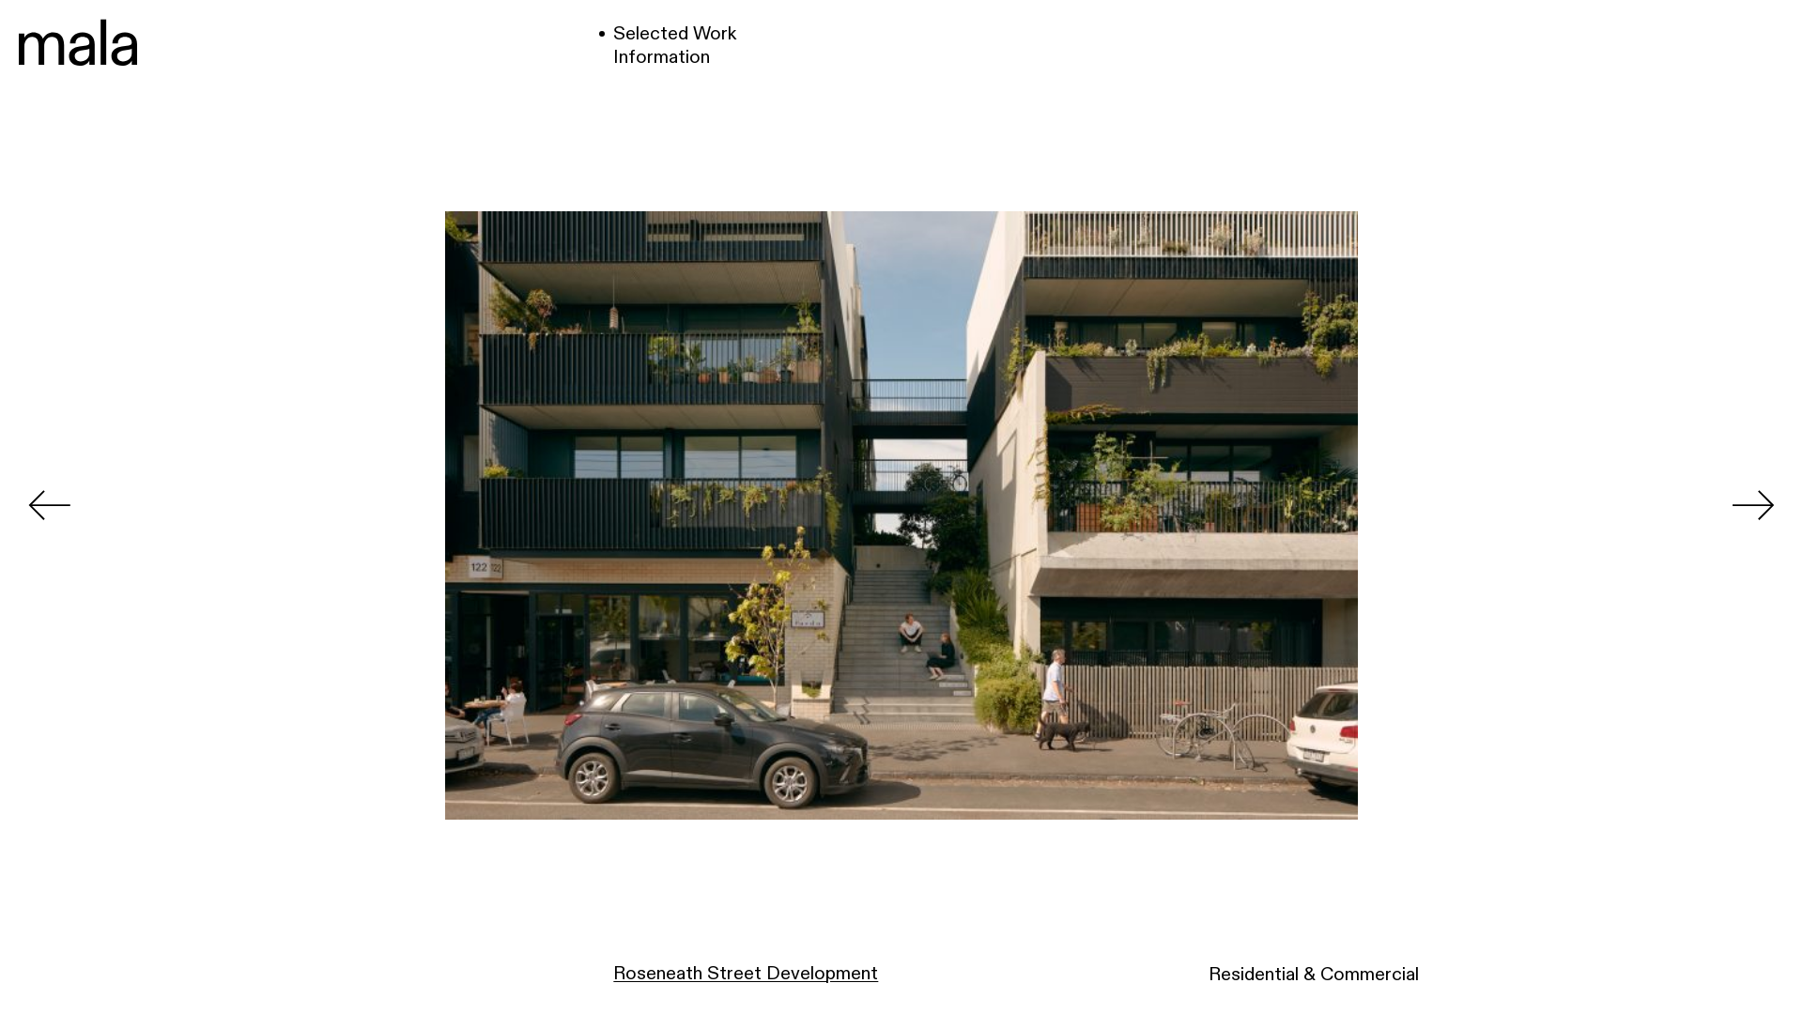 Image resolution: width=1803 pixels, height=1014 pixels. I want to click on 'Mala', so click(76, 43).